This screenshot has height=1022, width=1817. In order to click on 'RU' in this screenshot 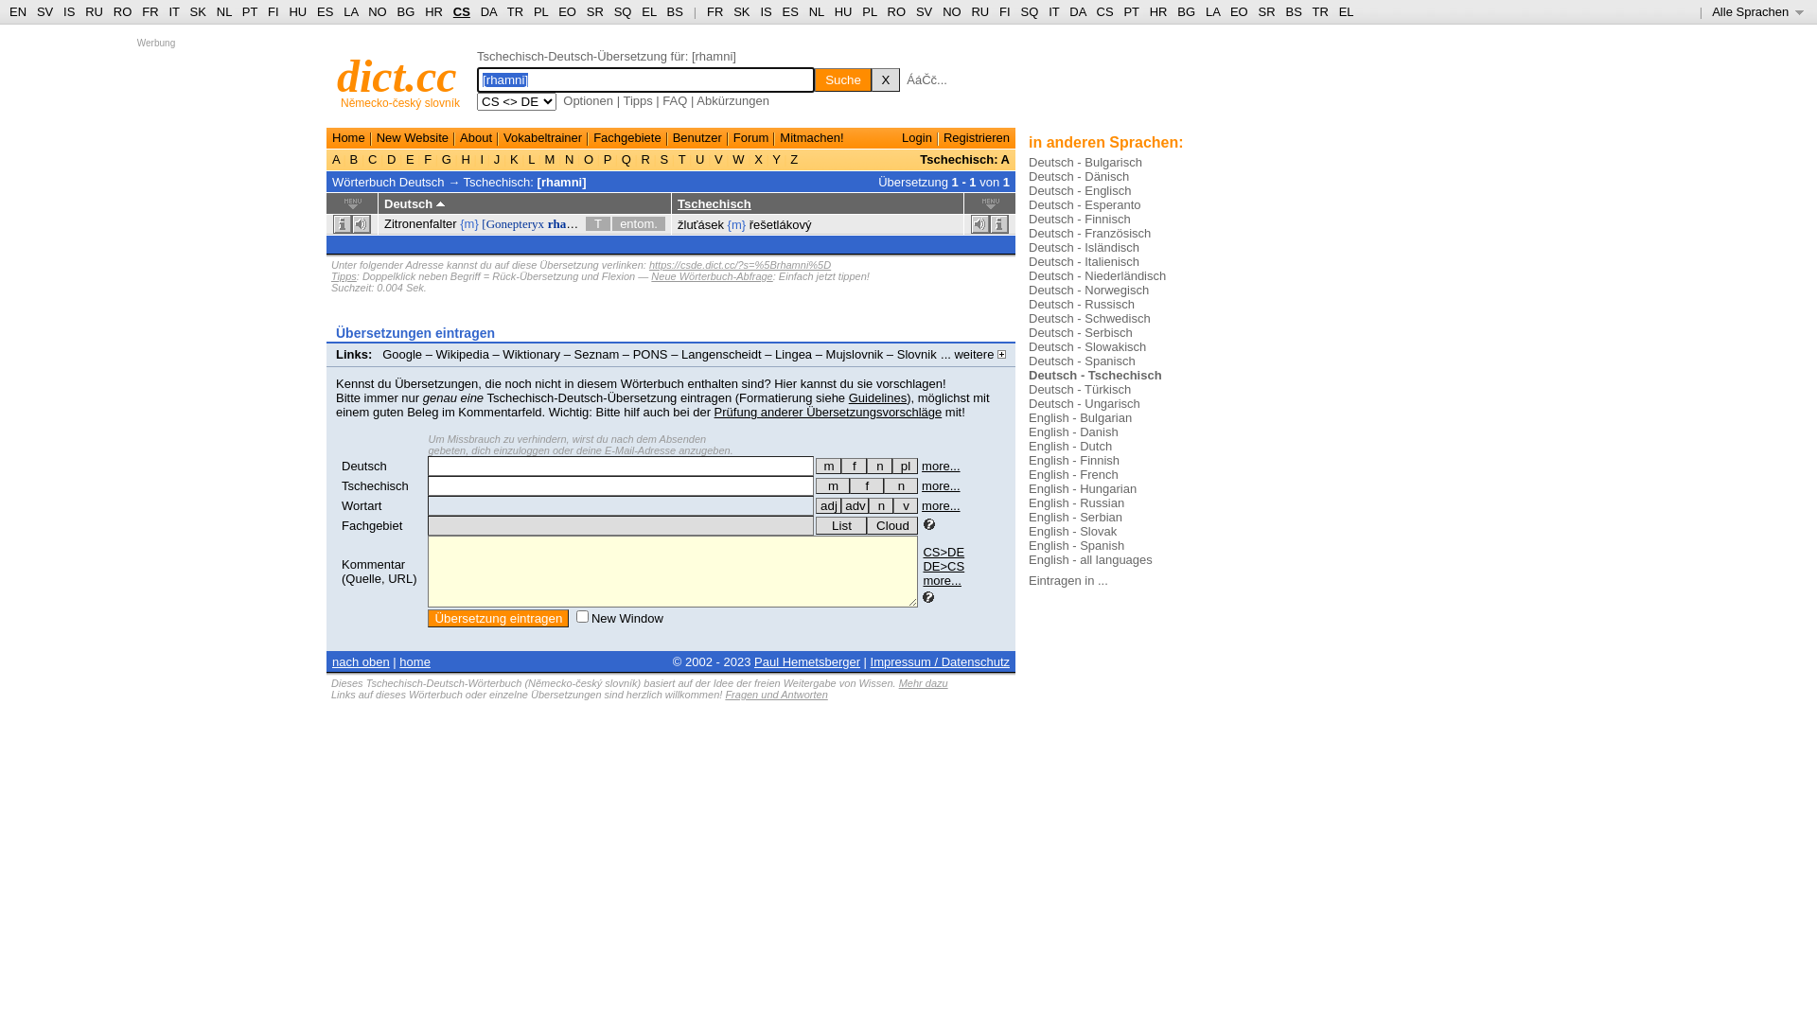, I will do `click(979, 11)`.